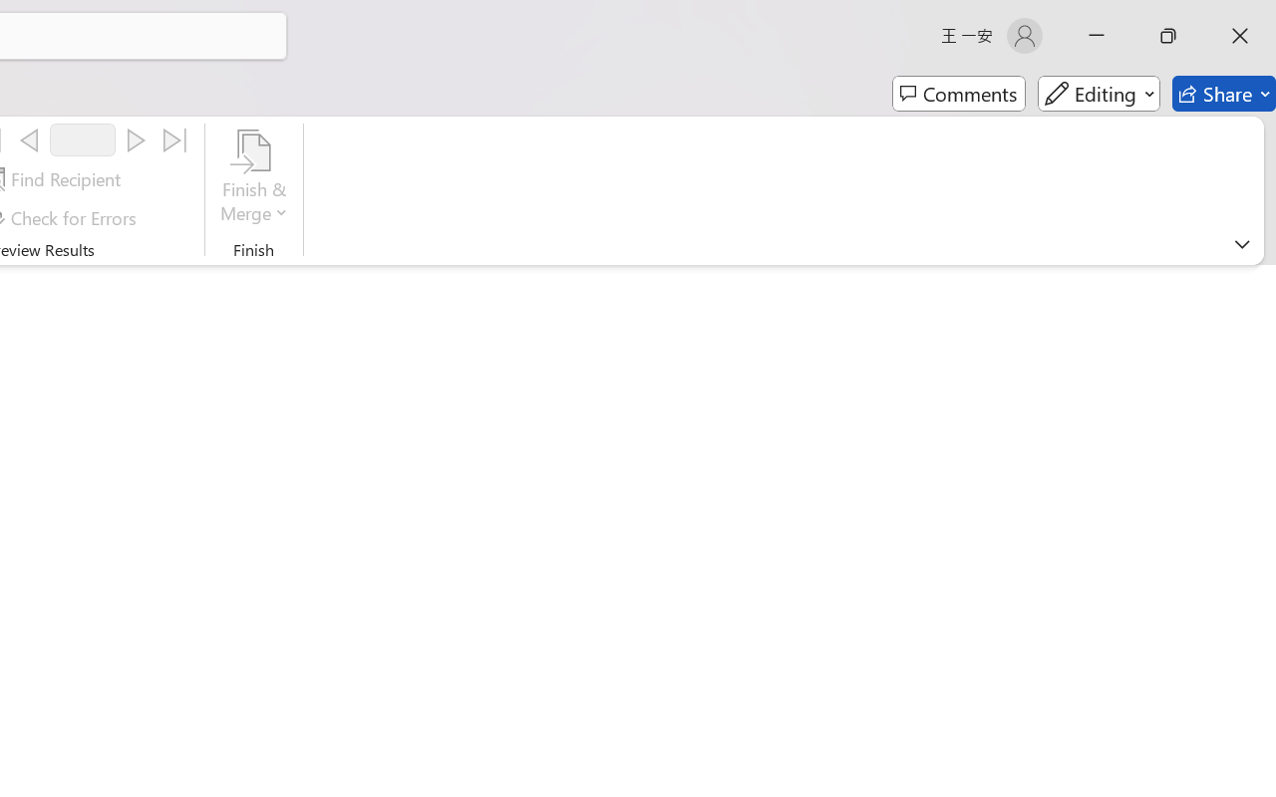  What do you see at coordinates (135, 140) in the screenshot?
I see `'Next'` at bounding box center [135, 140].